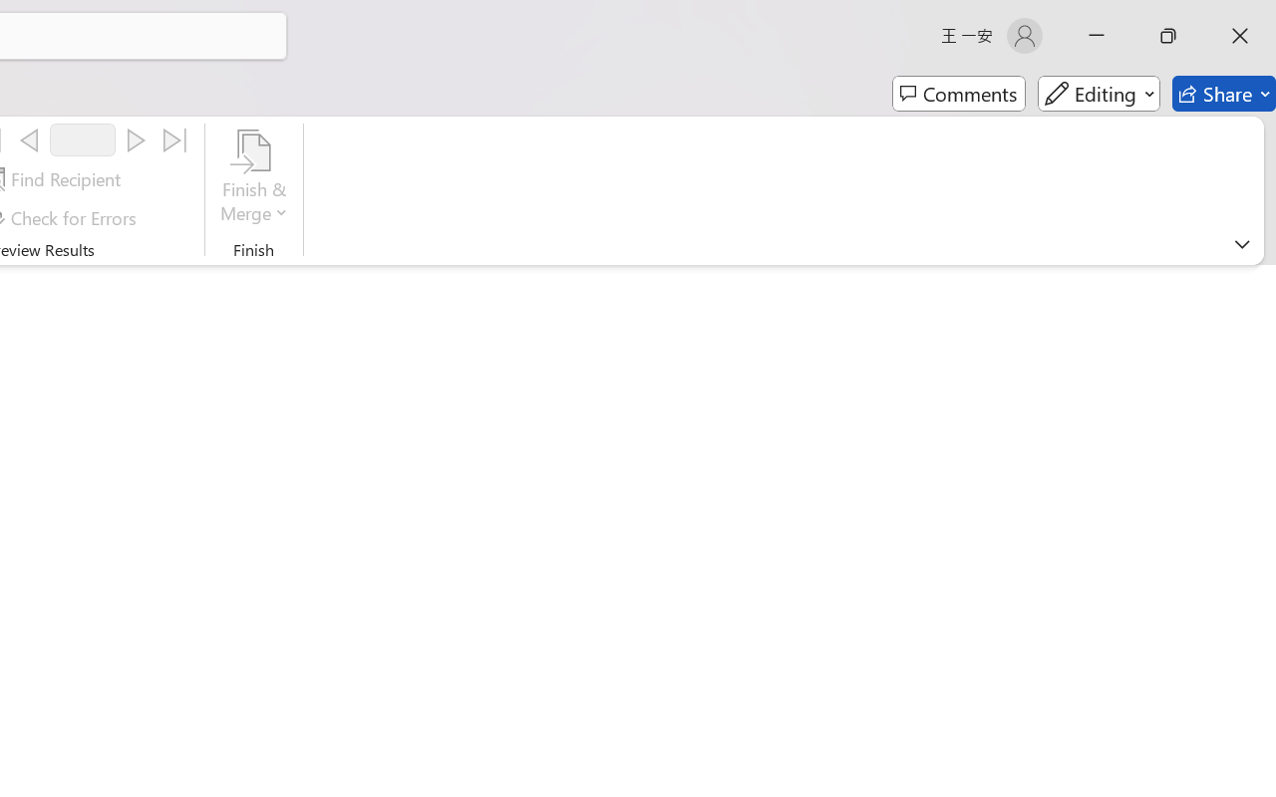  What do you see at coordinates (135, 140) in the screenshot?
I see `'Next'` at bounding box center [135, 140].